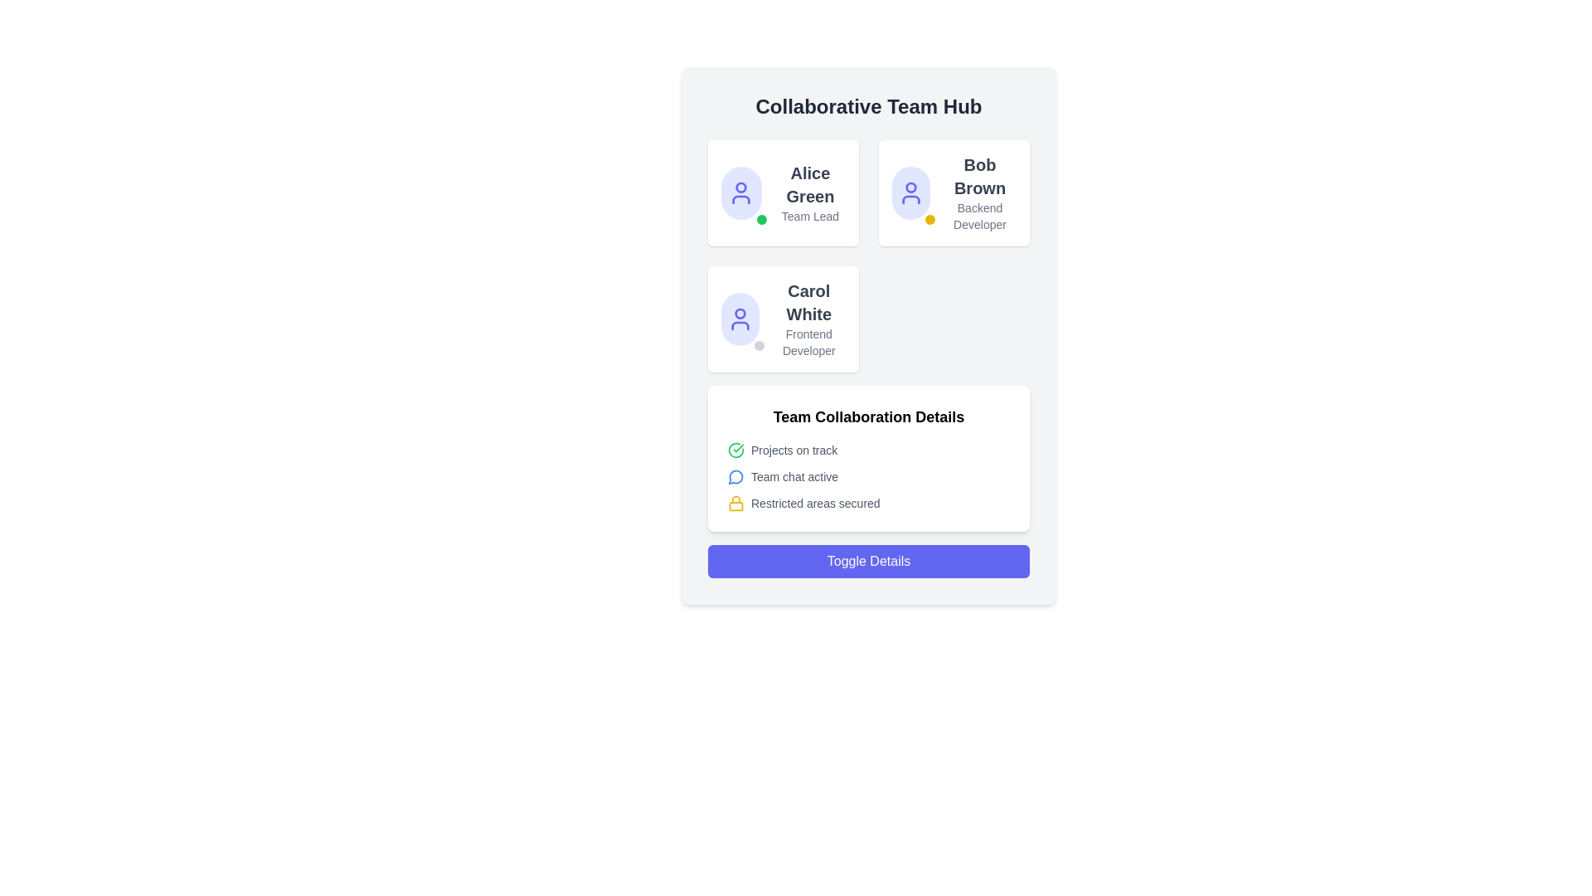  What do you see at coordinates (867, 476) in the screenshot?
I see `the 'Team chat active' status indicator in the Team Collaboration Details card, which is the second item in a vertical list of status indicators` at bounding box center [867, 476].